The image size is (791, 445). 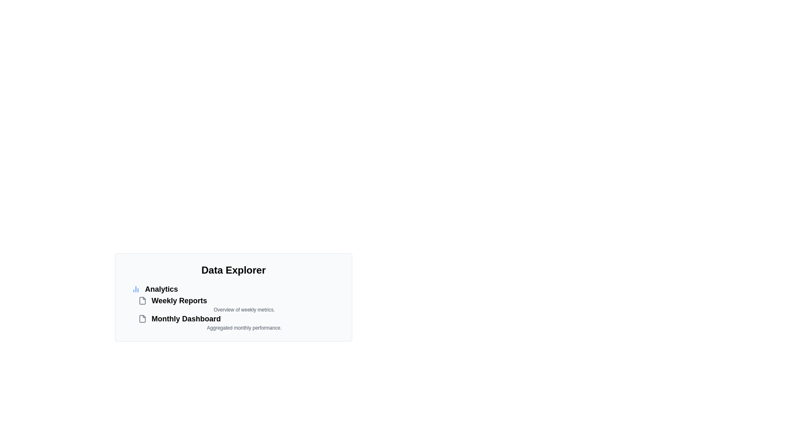 I want to click on the 'Monthly Dashboard' text label, which is the second item under the 'Analytics' category in the 'Data Explorer' section, visually aligned below 'Weekly Reports' and to the right of a file-like icon, so click(x=185, y=319).